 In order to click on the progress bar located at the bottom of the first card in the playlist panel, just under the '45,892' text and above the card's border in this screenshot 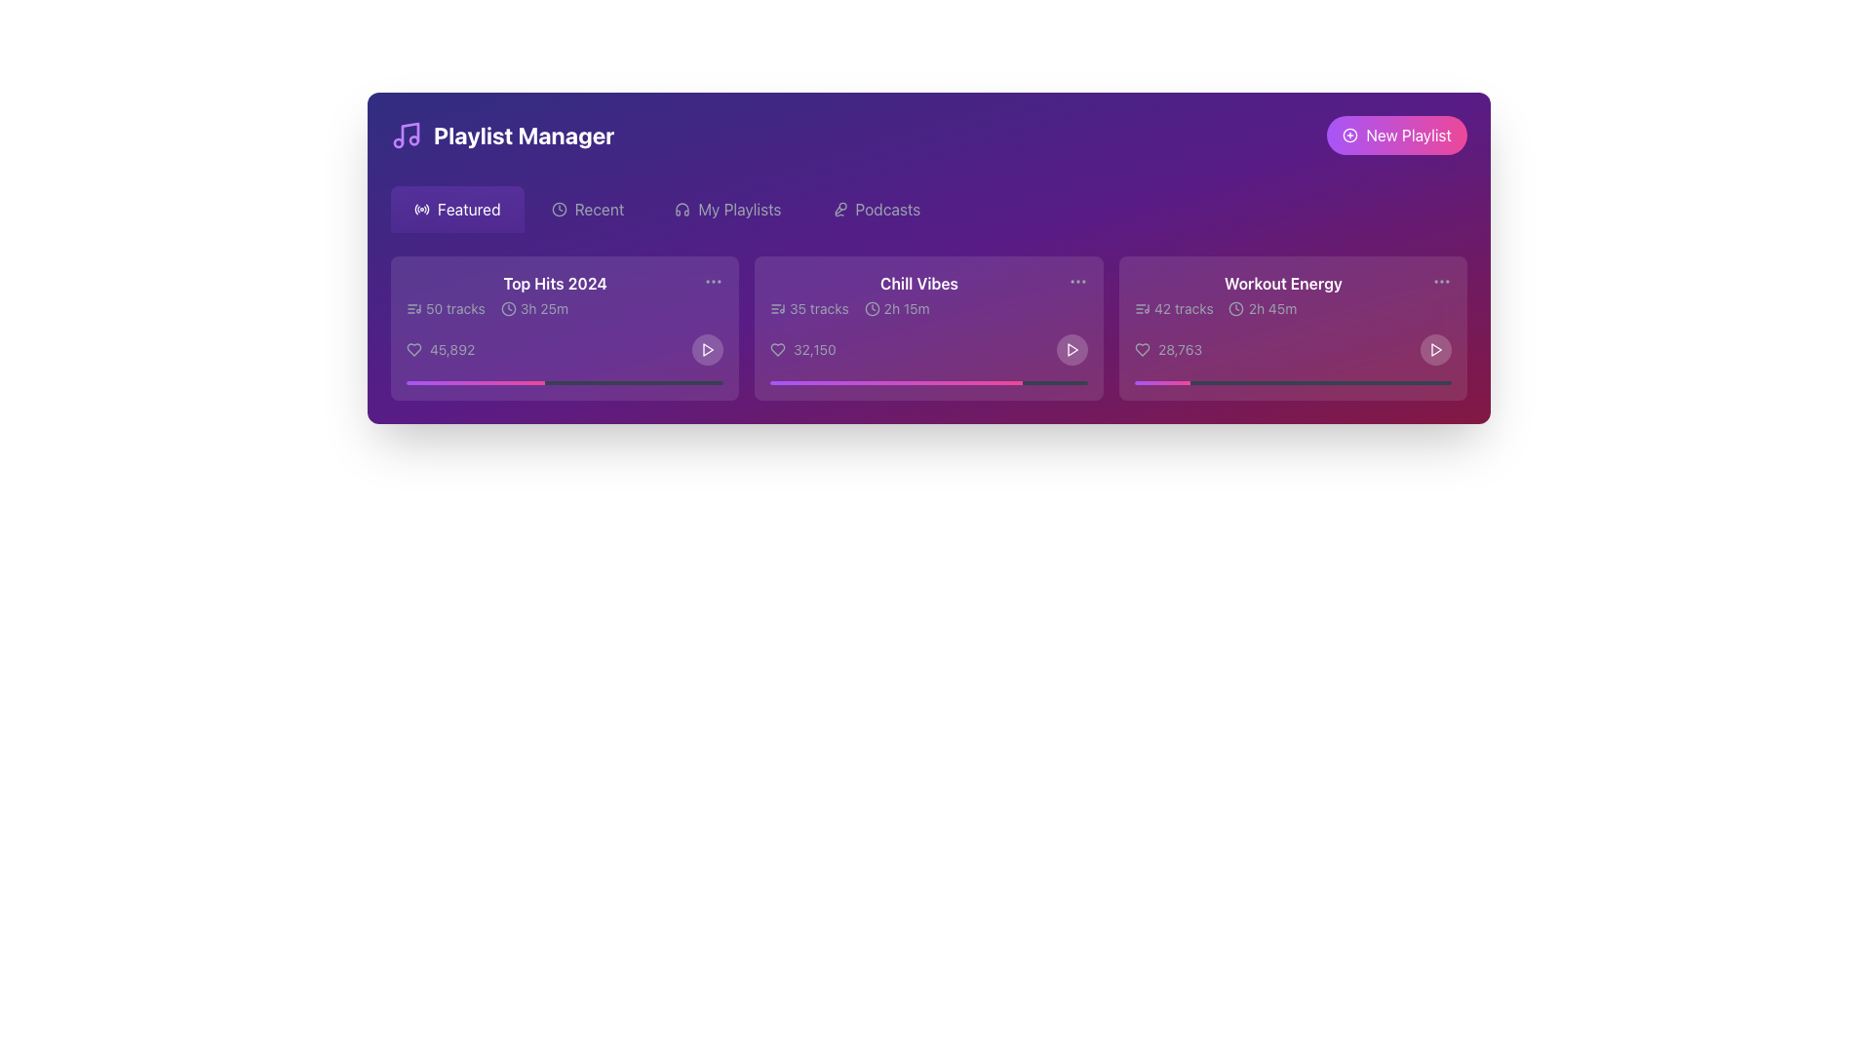, I will do `click(564, 383)`.